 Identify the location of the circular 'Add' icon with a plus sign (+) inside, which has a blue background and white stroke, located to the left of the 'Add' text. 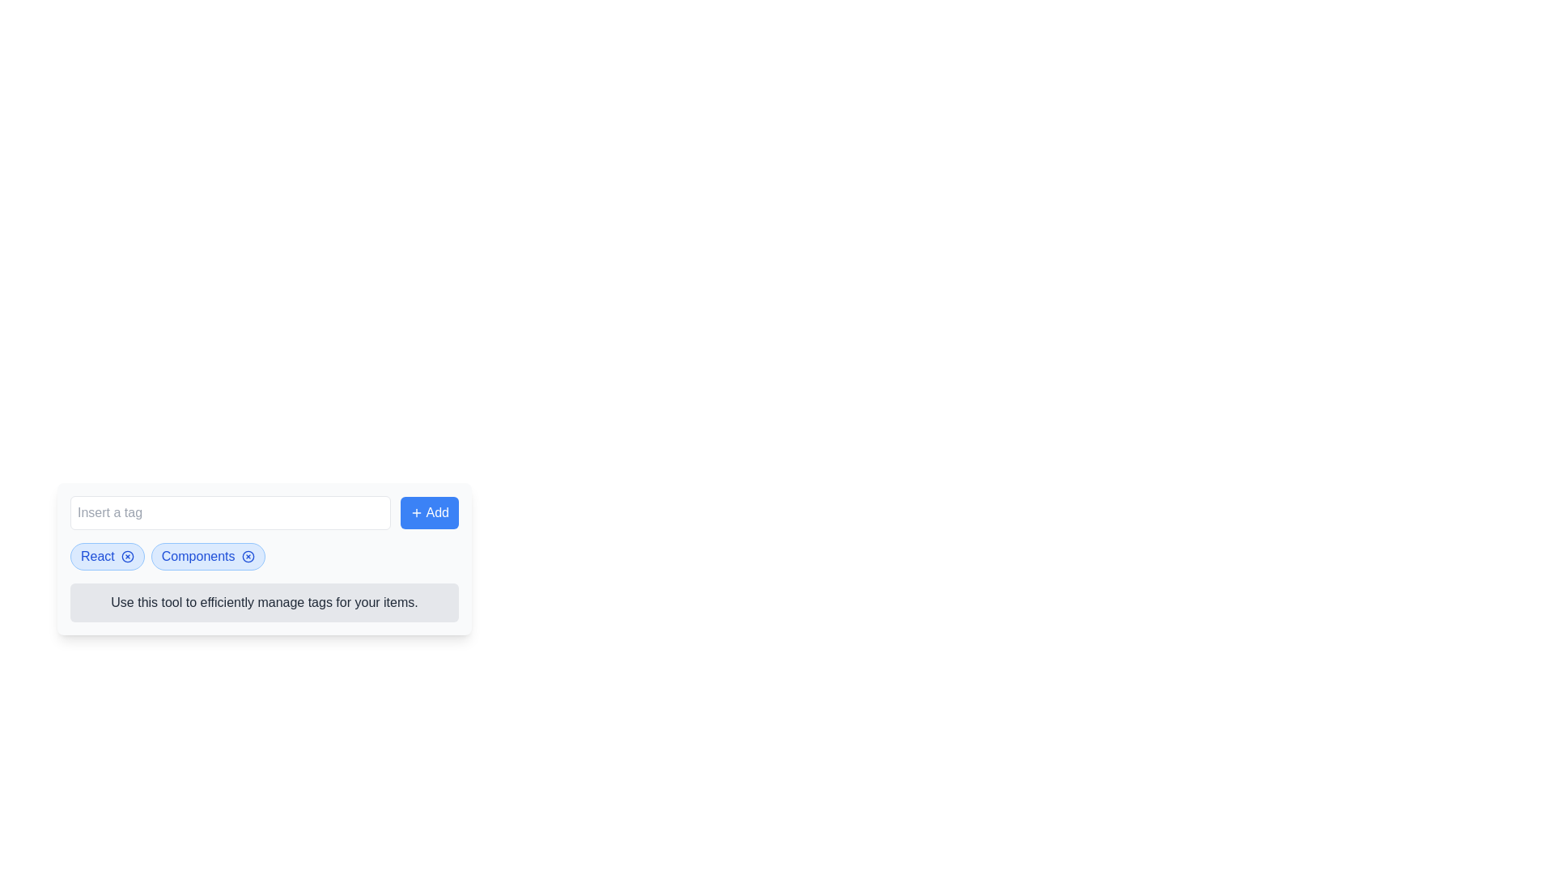
(416, 512).